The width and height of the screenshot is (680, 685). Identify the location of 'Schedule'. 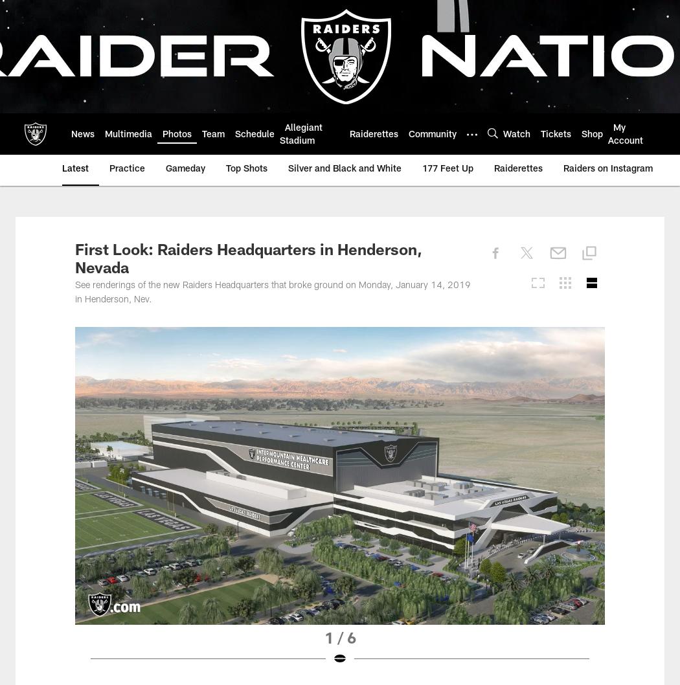
(254, 135).